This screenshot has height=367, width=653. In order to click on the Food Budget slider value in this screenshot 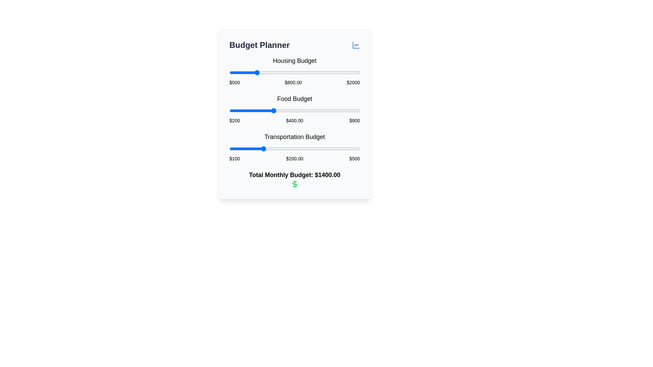, I will do `click(231, 110)`.